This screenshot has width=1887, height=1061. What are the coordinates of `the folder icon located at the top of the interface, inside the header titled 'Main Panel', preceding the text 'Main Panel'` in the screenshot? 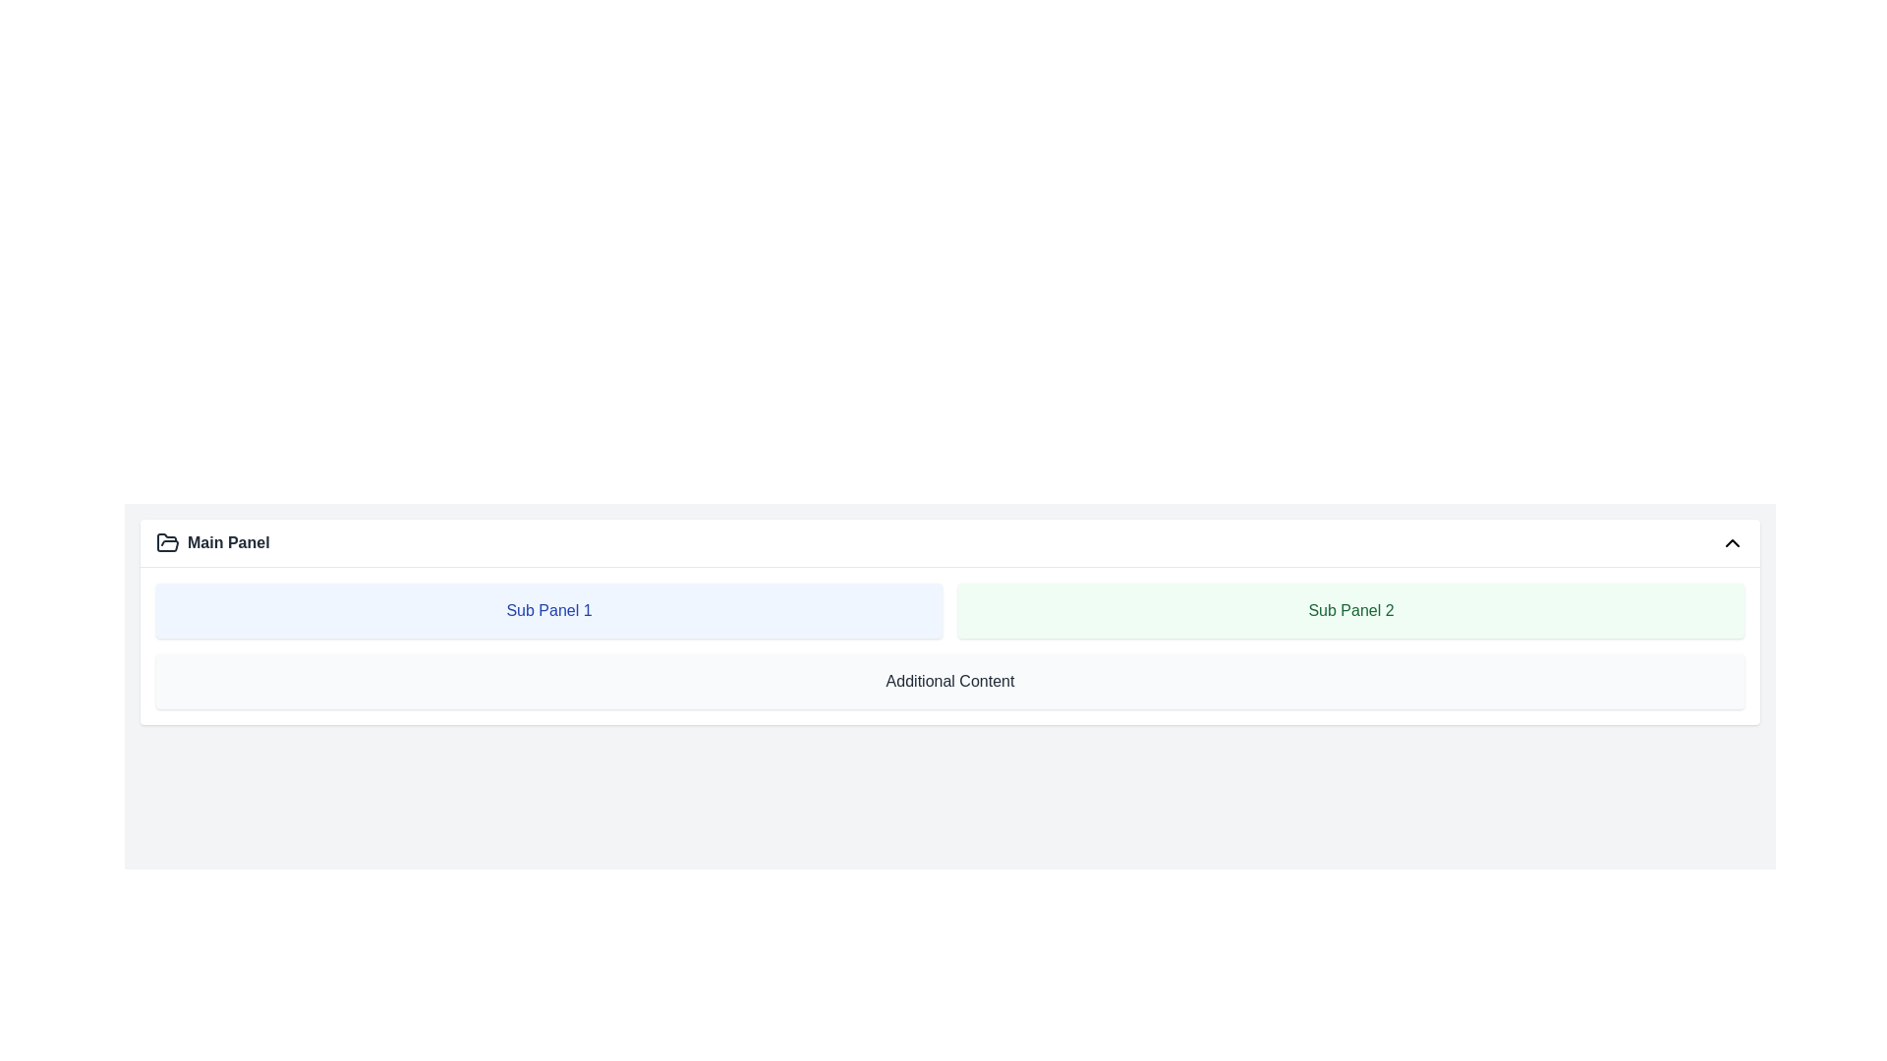 It's located at (168, 542).